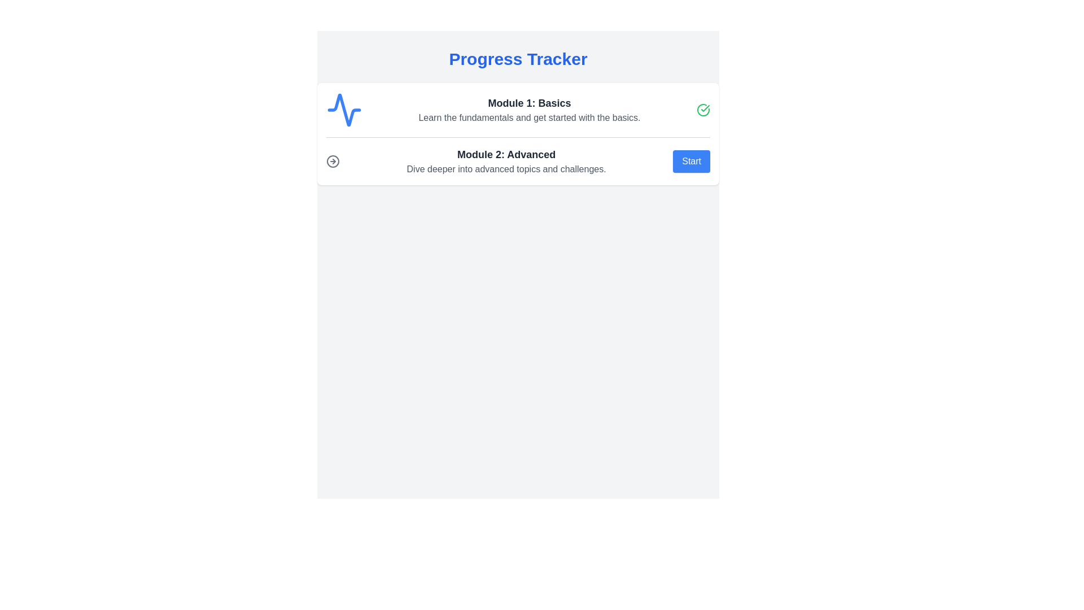 The height and width of the screenshot is (610, 1084). Describe the element at coordinates (703, 110) in the screenshot. I see `the green check mark icon within the circular icon located in the top-right corner of 'Module 1: Basics'` at that location.